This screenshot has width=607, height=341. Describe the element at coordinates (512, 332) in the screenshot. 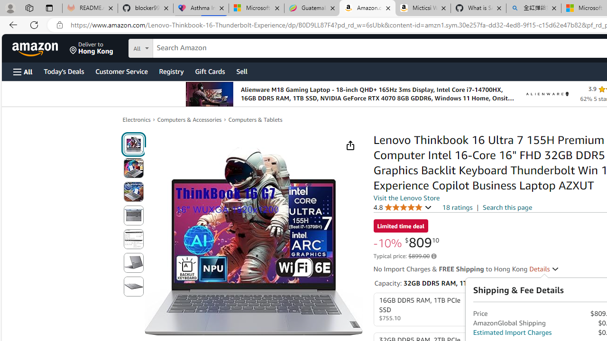

I see `'Estimated Import Charges'` at that location.